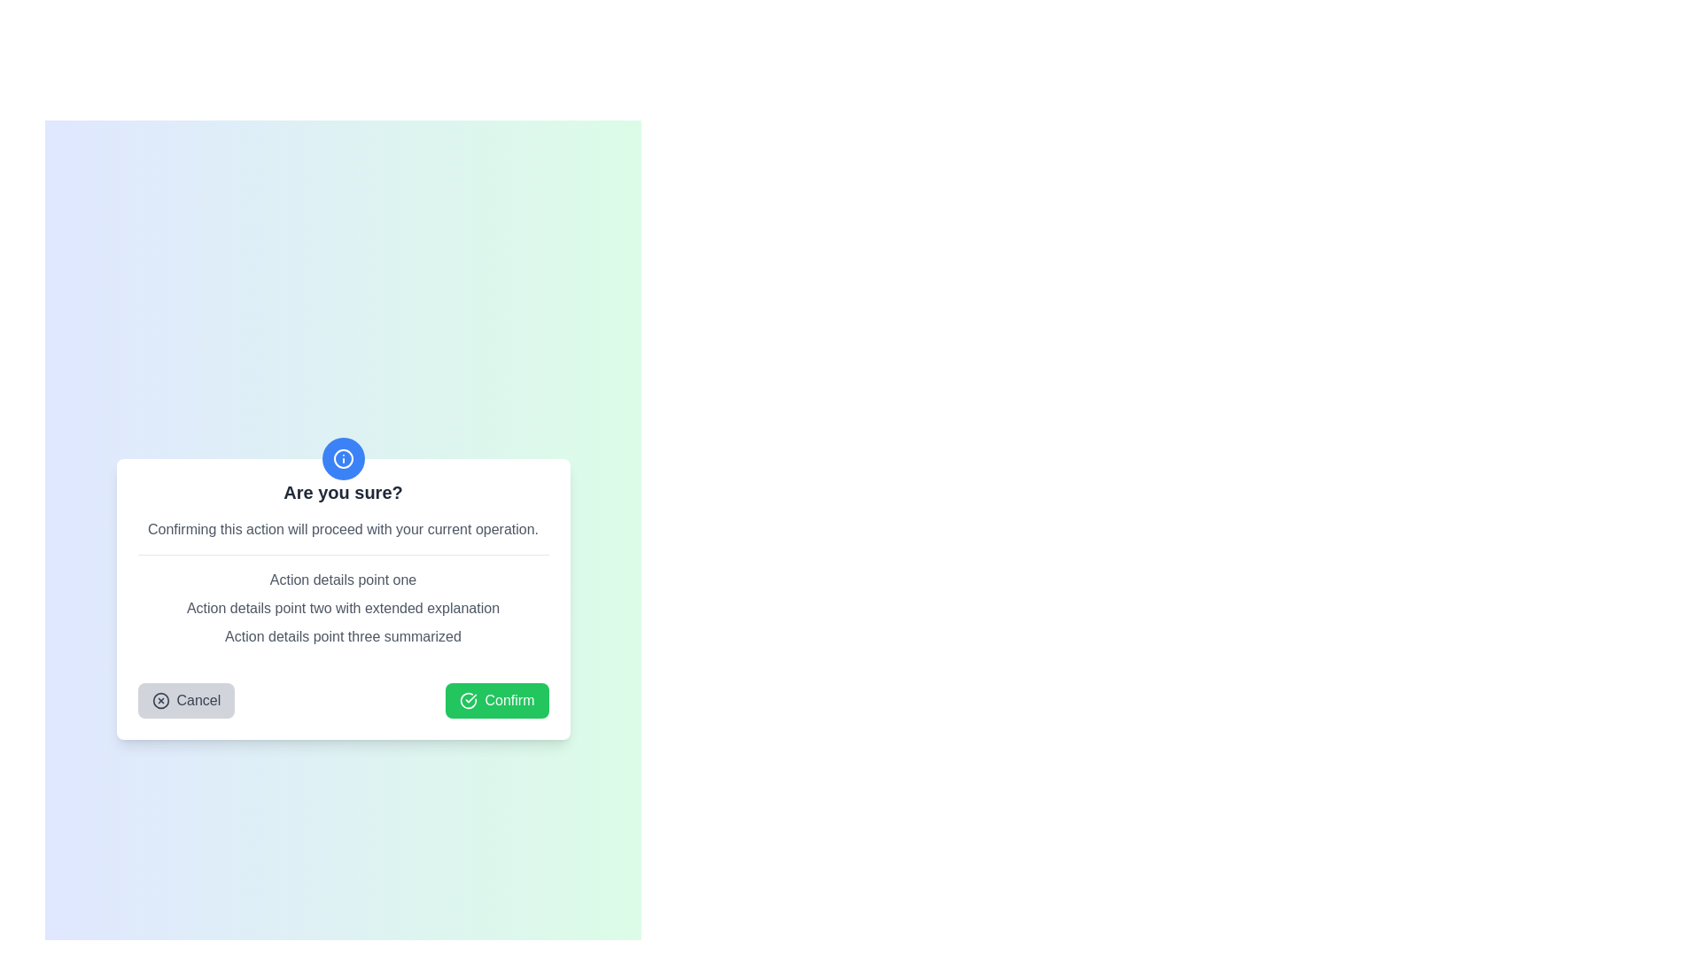  Describe the element at coordinates (343, 457) in the screenshot. I see `the circular element within the SVG graphic that represents the information icon in the upper section of the confirmation dialog box` at that location.